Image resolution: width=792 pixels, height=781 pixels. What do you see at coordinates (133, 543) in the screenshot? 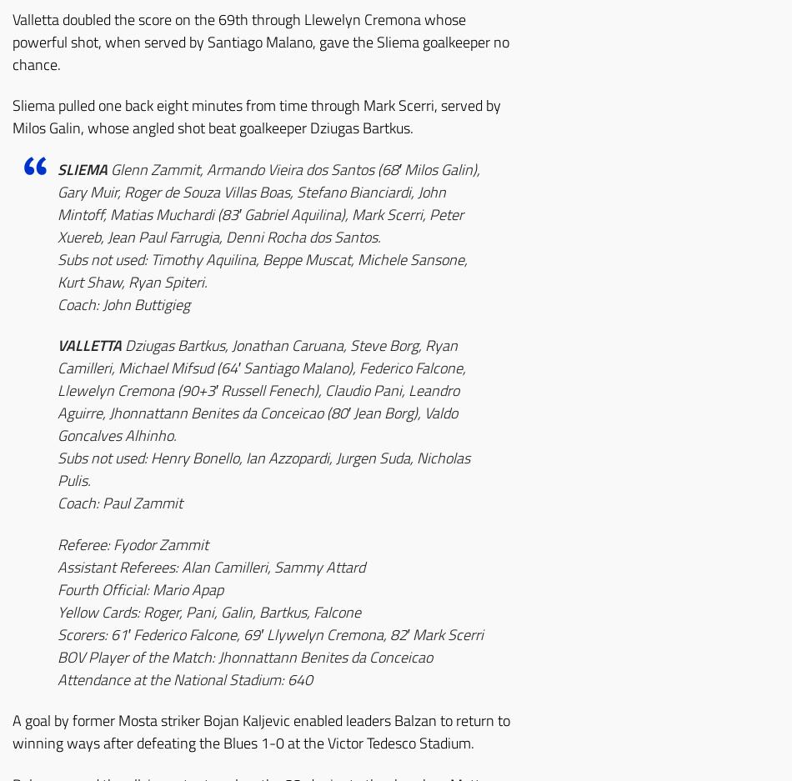
I see `'Referee: Fyodor Zammit'` at bounding box center [133, 543].